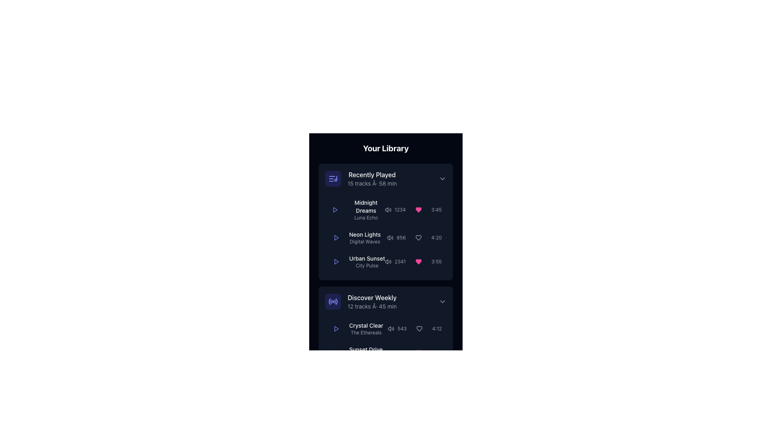  Describe the element at coordinates (396, 237) in the screenshot. I see `text label representing the number of plays next to the speaker icon for the song 'Neon Lights' in the 'Recently Played' section` at that location.